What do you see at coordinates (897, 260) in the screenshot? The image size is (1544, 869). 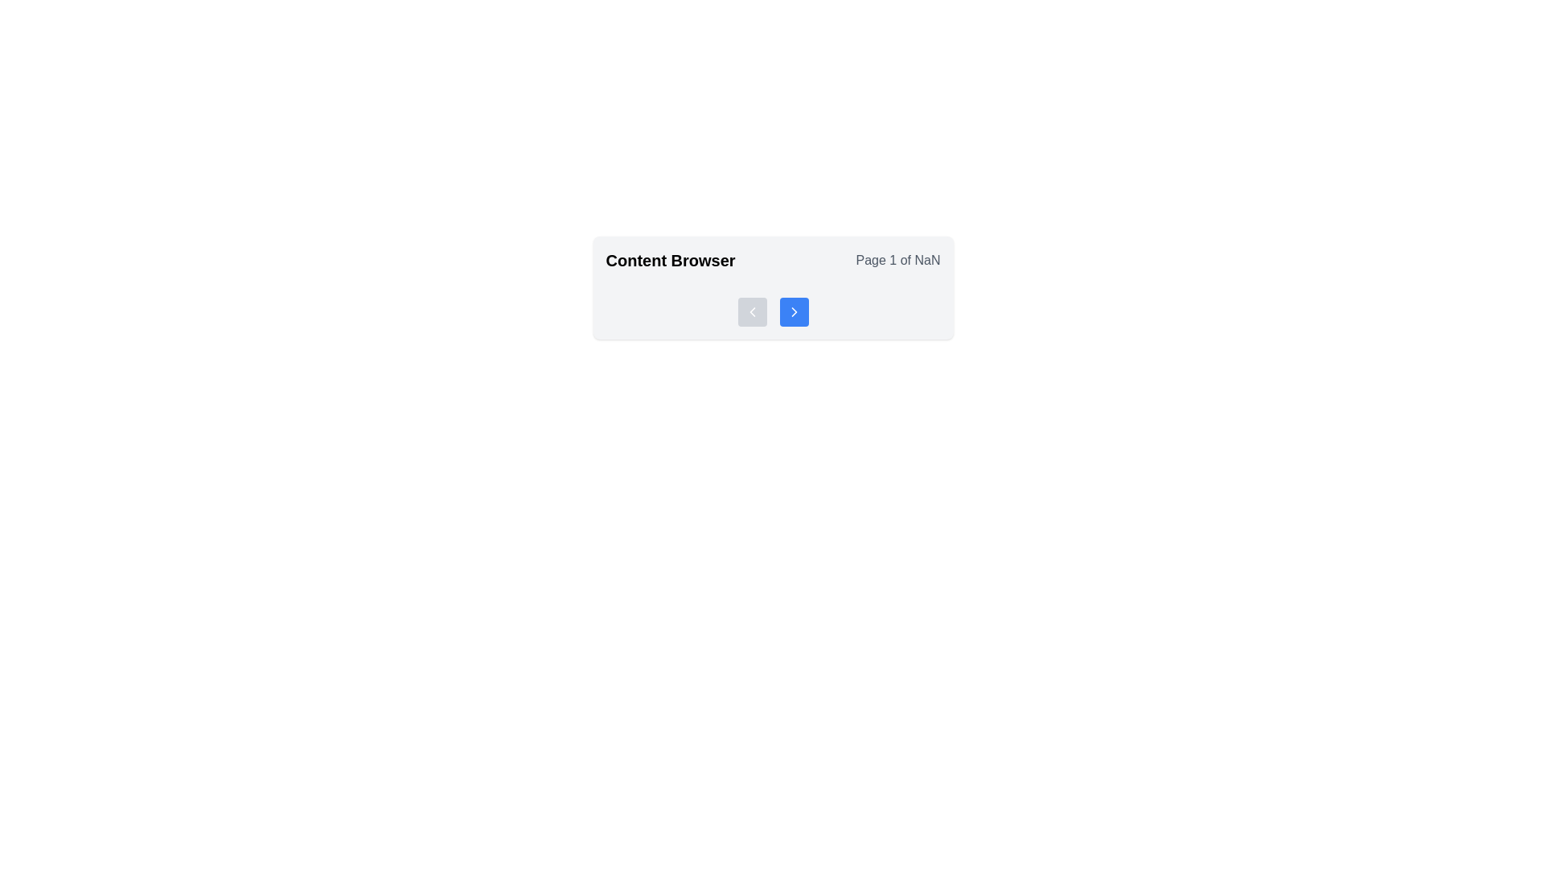 I see `the static text label that indicates the current page and total number of pages, which is currently displaying 'NaN'. This label is located to the right of the 'Content Browser' title and above the navigation buttons` at bounding box center [897, 260].